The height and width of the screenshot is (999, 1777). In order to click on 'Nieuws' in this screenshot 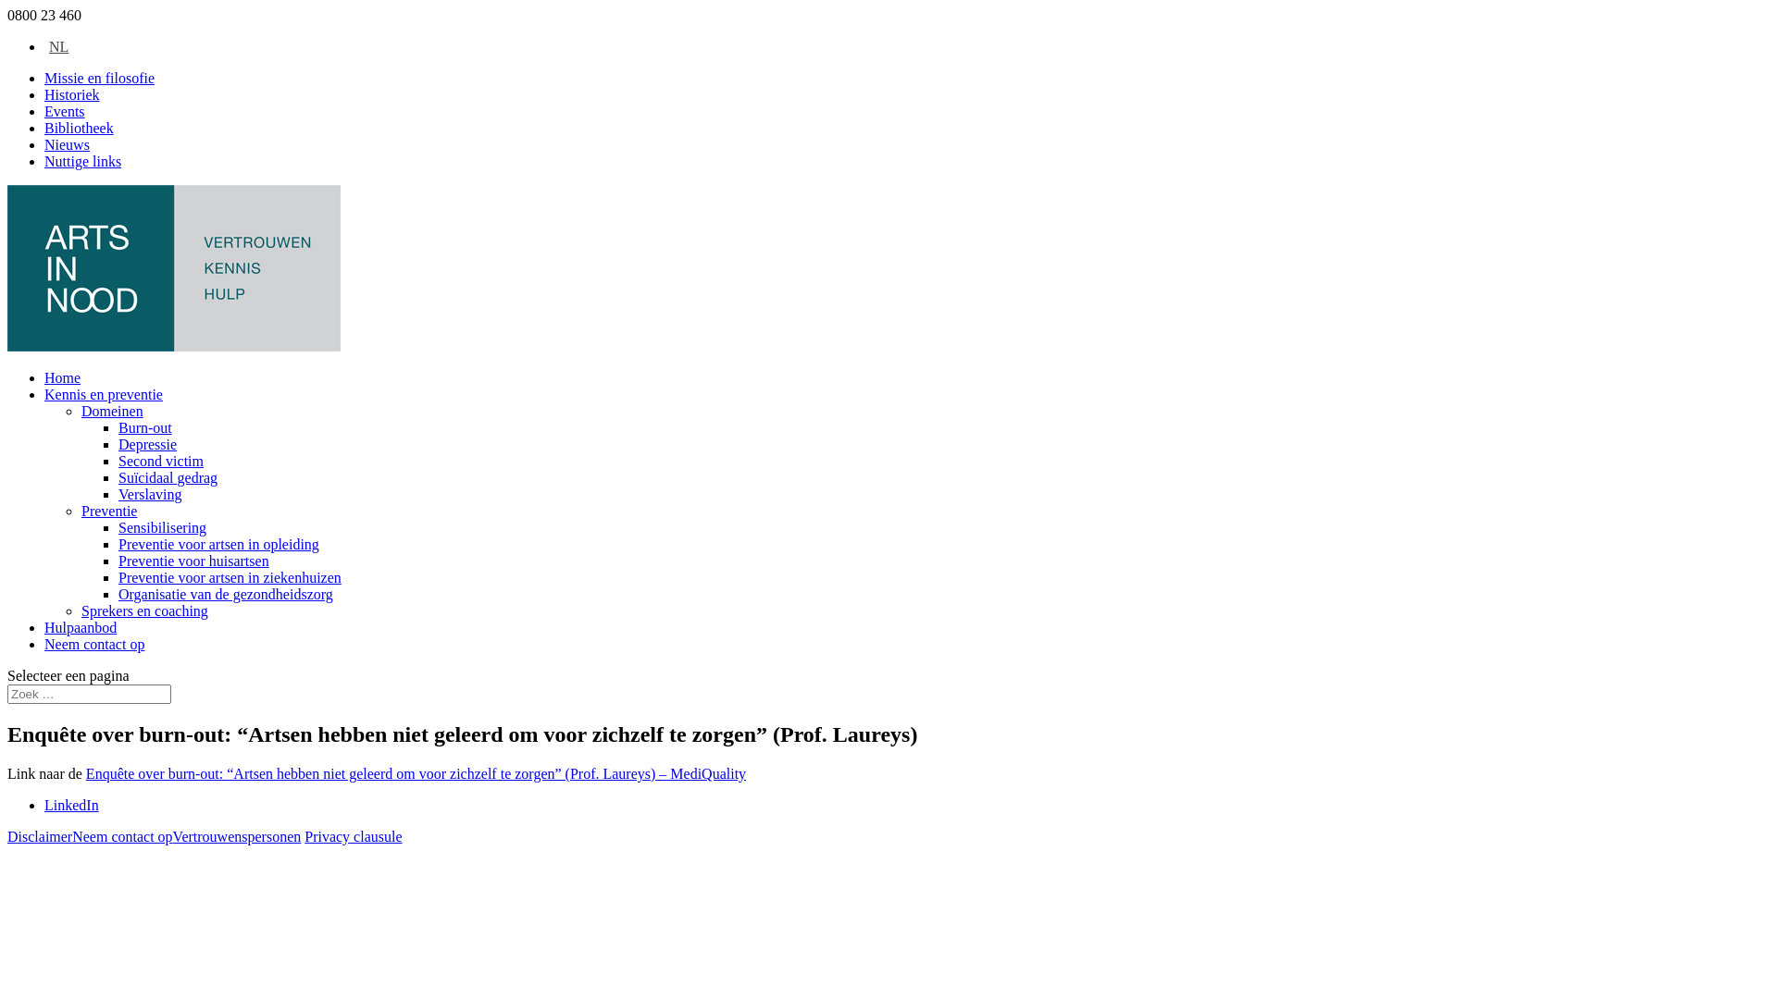, I will do `click(67, 143)`.